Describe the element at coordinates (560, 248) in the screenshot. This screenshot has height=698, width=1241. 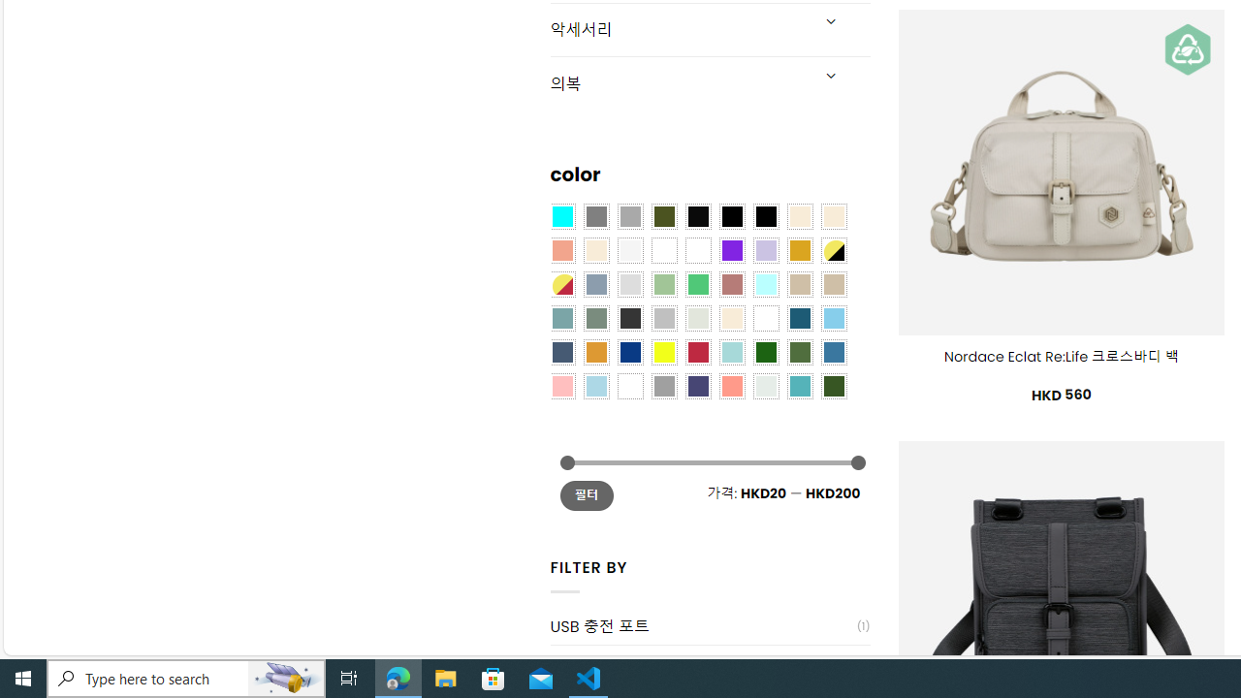
I see `'Coral'` at that location.